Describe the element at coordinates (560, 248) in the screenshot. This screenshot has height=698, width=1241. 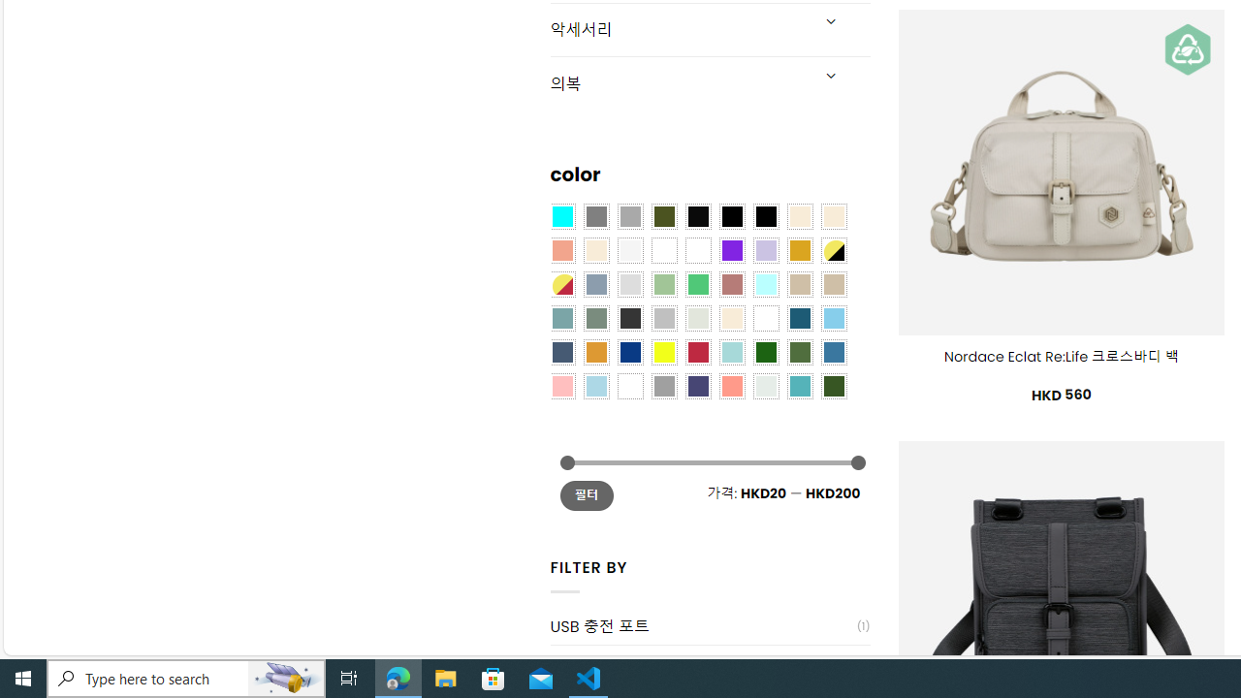
I see `'Coral'` at that location.